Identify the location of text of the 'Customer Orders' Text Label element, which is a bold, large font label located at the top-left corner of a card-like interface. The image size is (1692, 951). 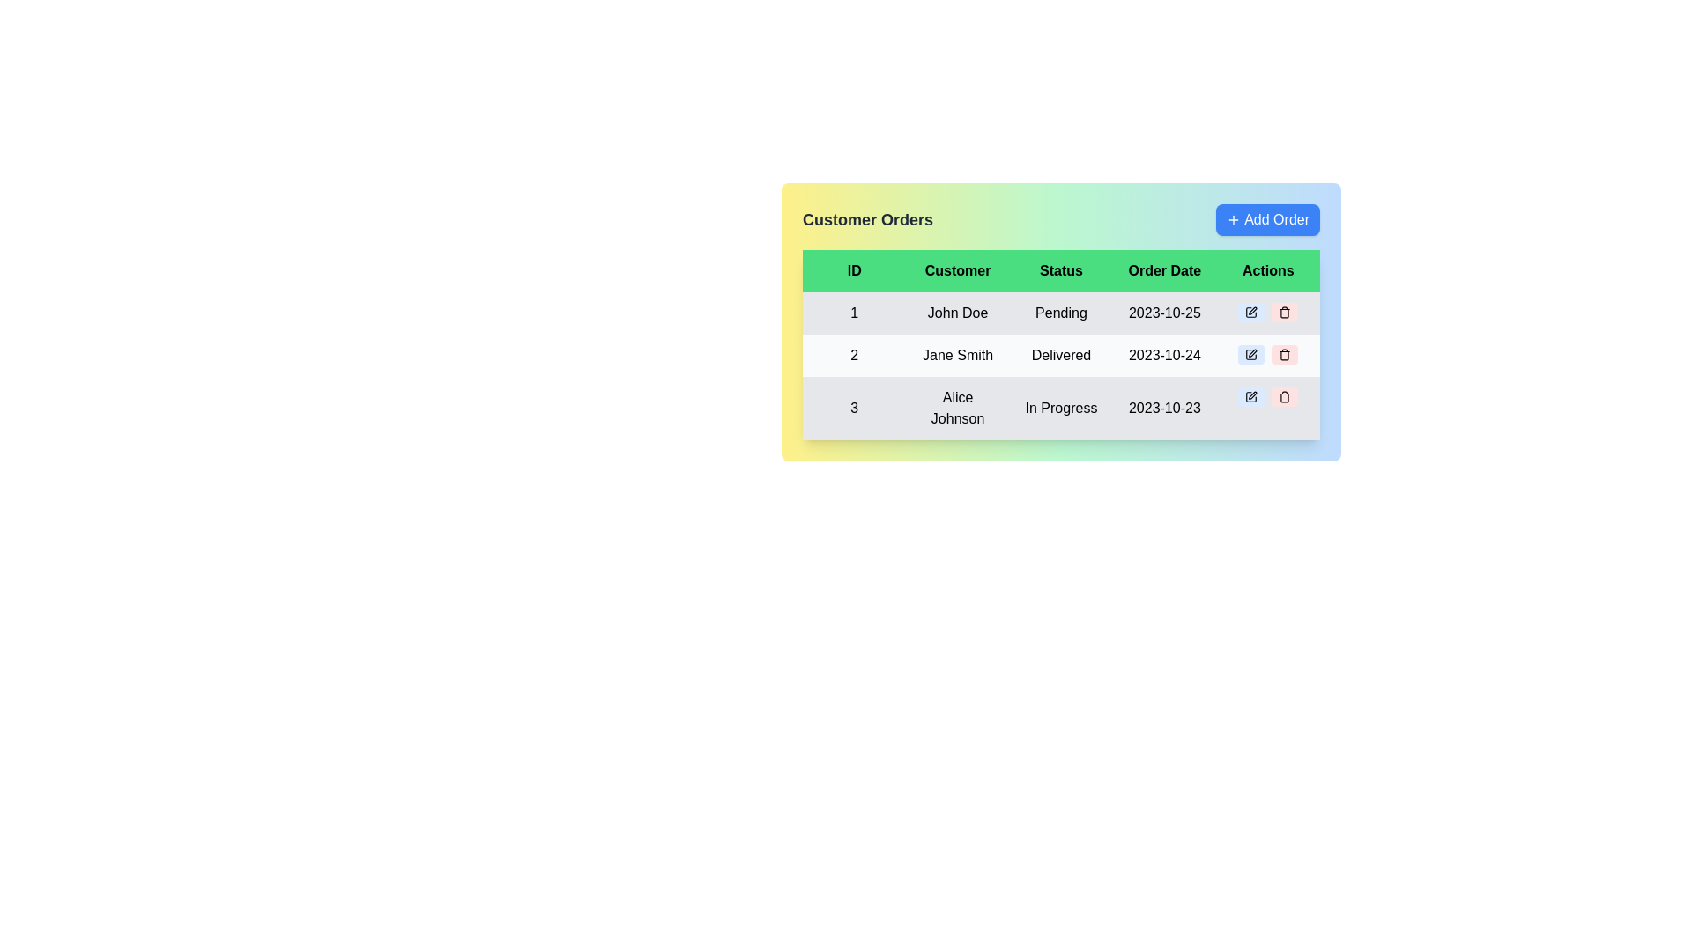
(867, 219).